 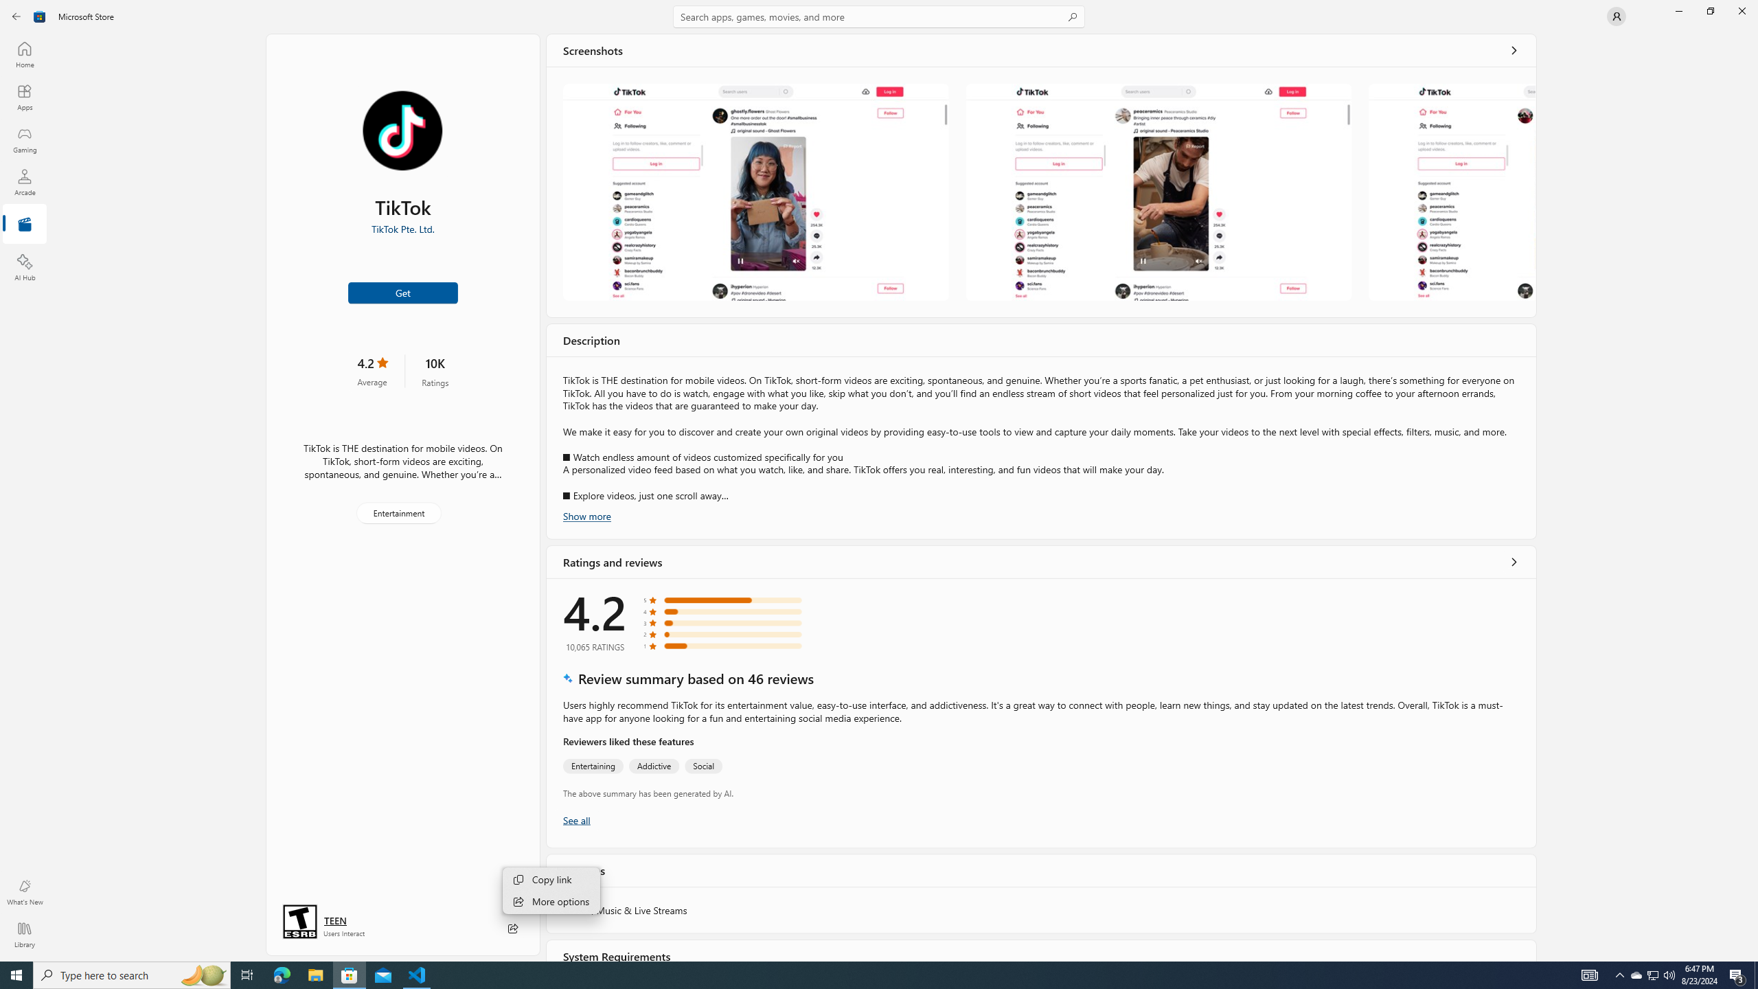 What do you see at coordinates (512, 928) in the screenshot?
I see `'Share'` at bounding box center [512, 928].